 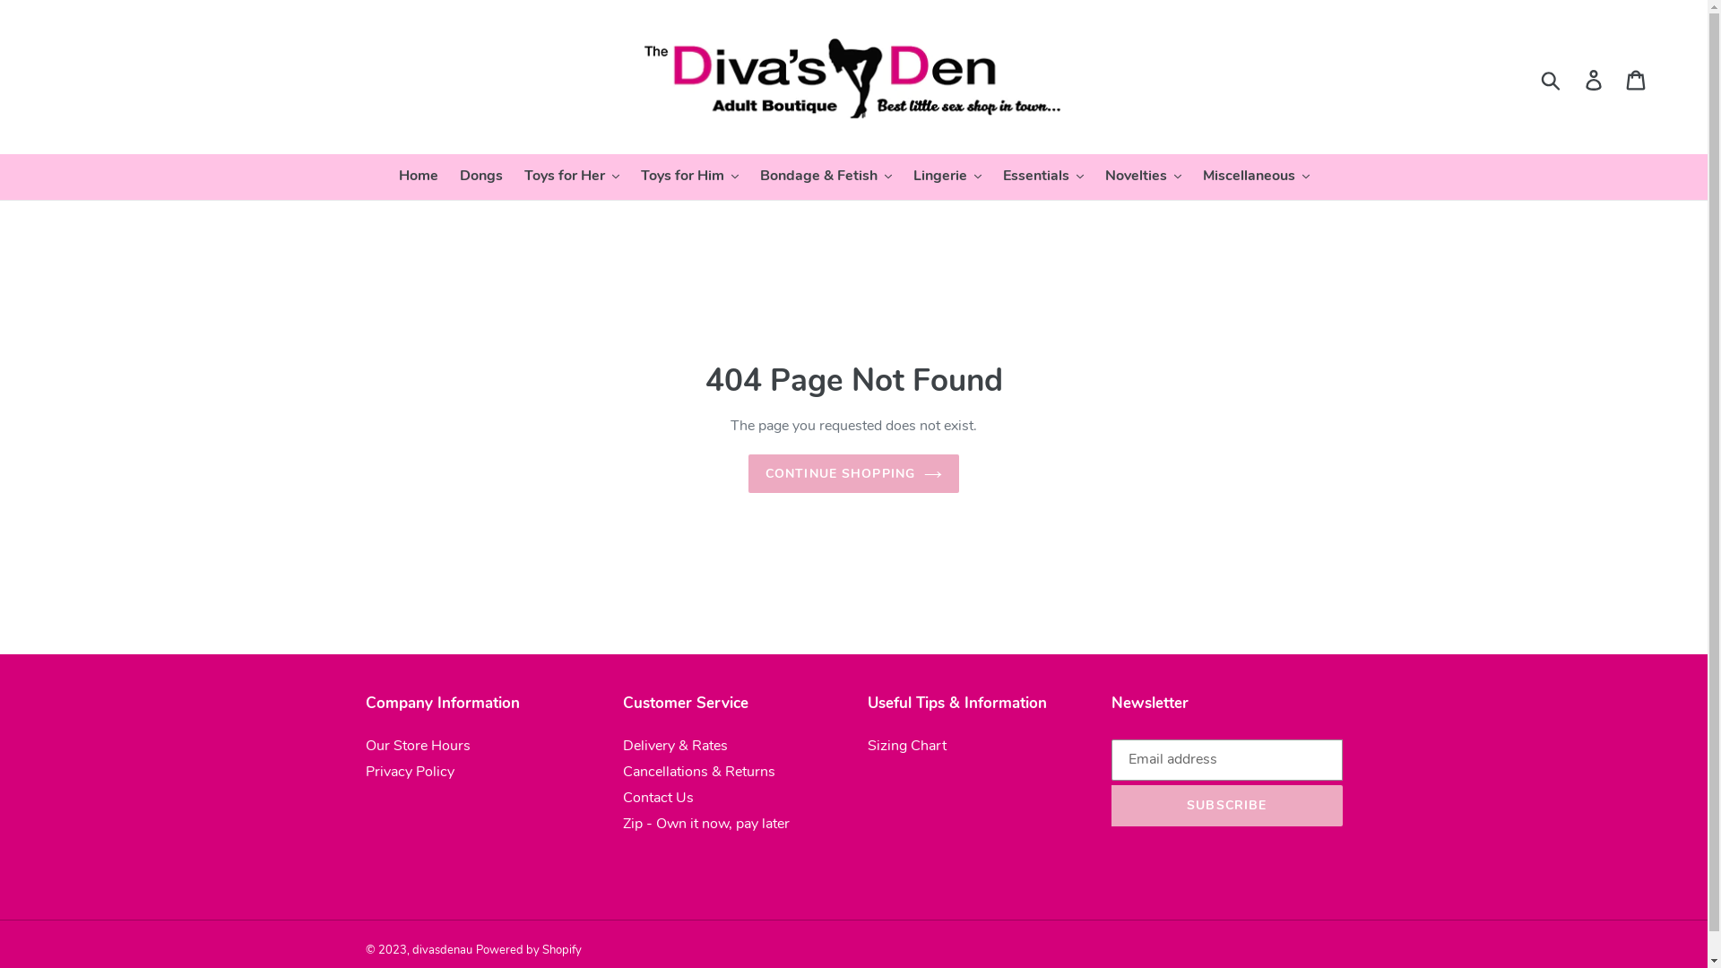 I want to click on 'Delivery & Rates', so click(x=674, y=747).